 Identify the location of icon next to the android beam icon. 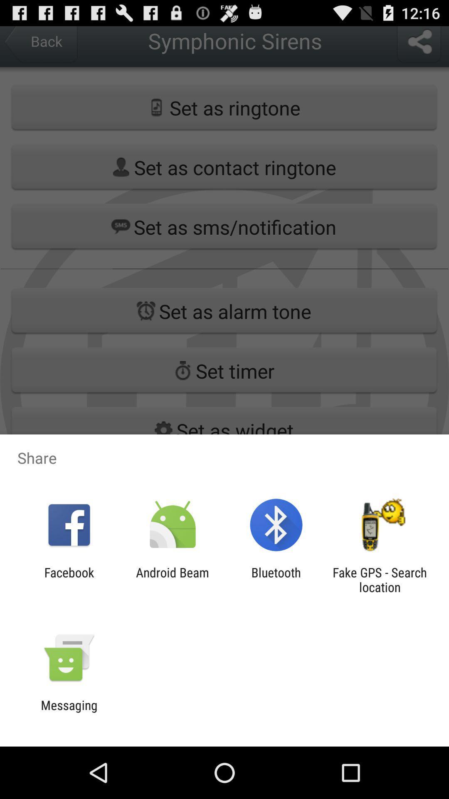
(69, 579).